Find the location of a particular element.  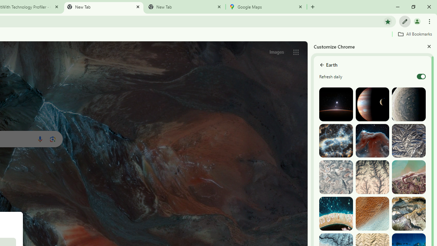

'Minimize' is located at coordinates (398, 7).